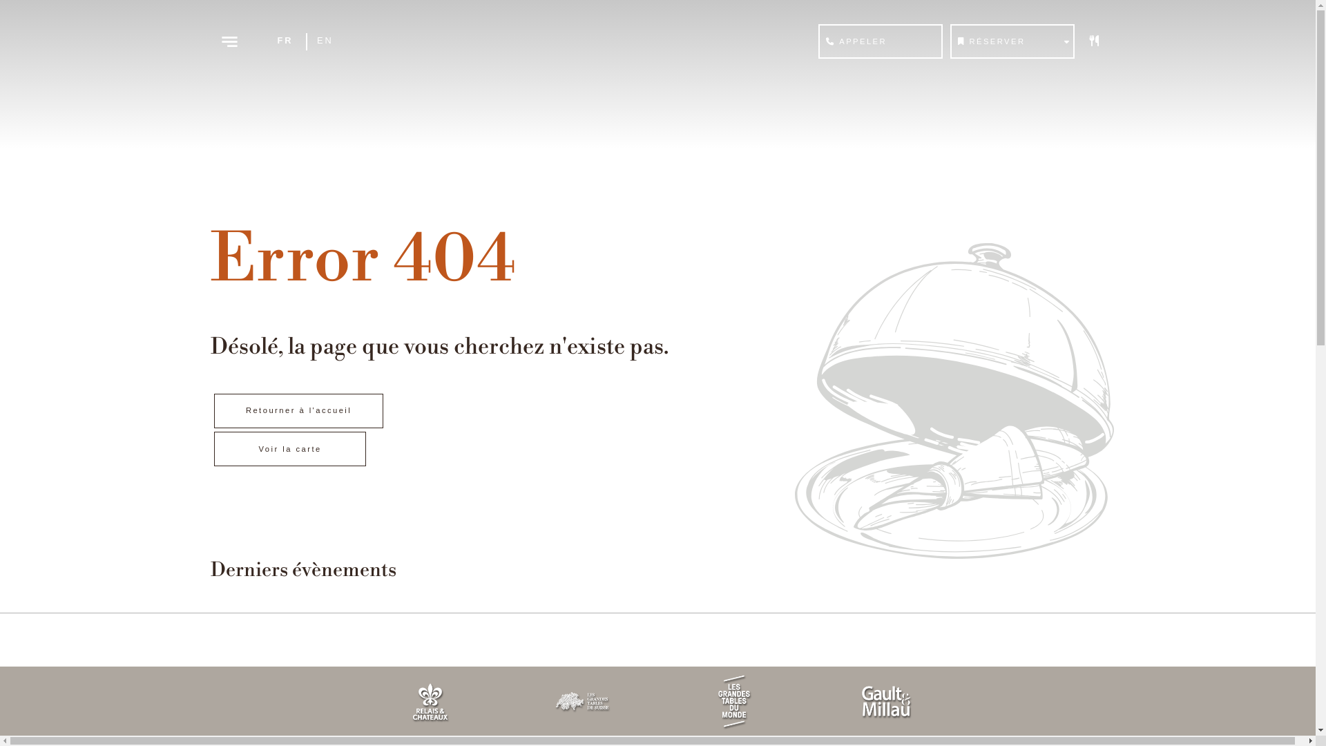 This screenshot has width=1326, height=746. What do you see at coordinates (213, 449) in the screenshot?
I see `'Voir la carte'` at bounding box center [213, 449].